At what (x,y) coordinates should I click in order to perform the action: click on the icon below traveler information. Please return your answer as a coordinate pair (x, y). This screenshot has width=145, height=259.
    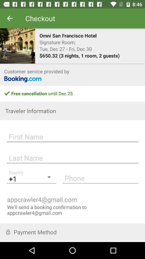
    Looking at the image, I should click on (73, 136).